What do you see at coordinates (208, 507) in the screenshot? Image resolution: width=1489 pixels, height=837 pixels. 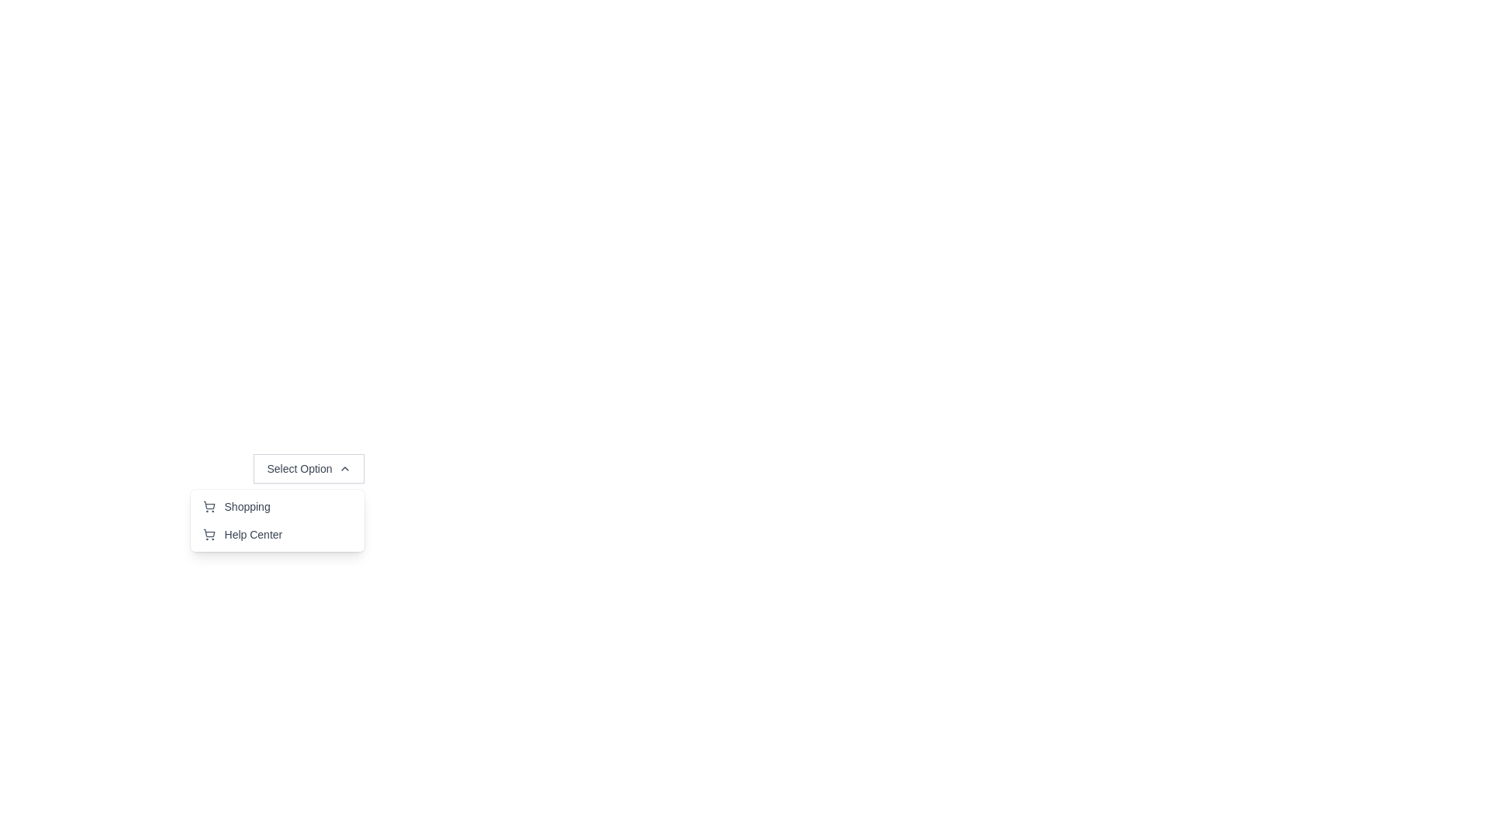 I see `the shopping cart SVG icon, which is gray and positioned to the left of the 'Shopping' label in the dropdown menu` at bounding box center [208, 507].